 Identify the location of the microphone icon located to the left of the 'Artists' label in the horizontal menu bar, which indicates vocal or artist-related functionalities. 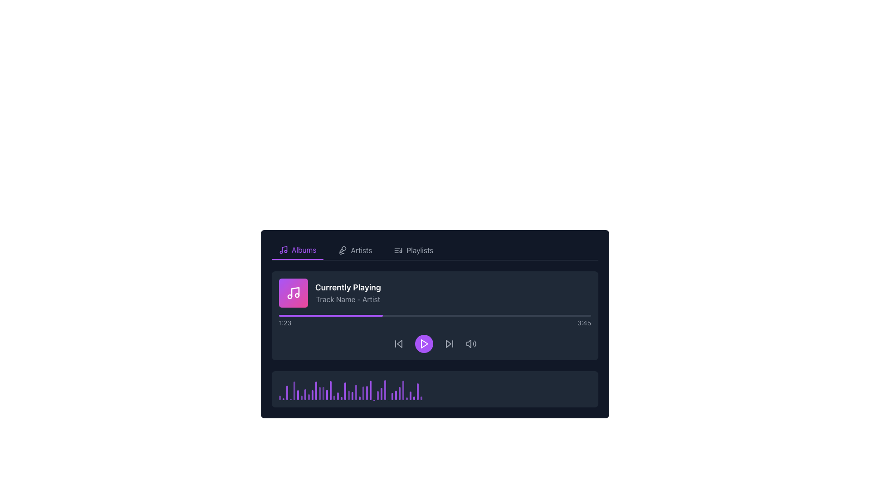
(342, 250).